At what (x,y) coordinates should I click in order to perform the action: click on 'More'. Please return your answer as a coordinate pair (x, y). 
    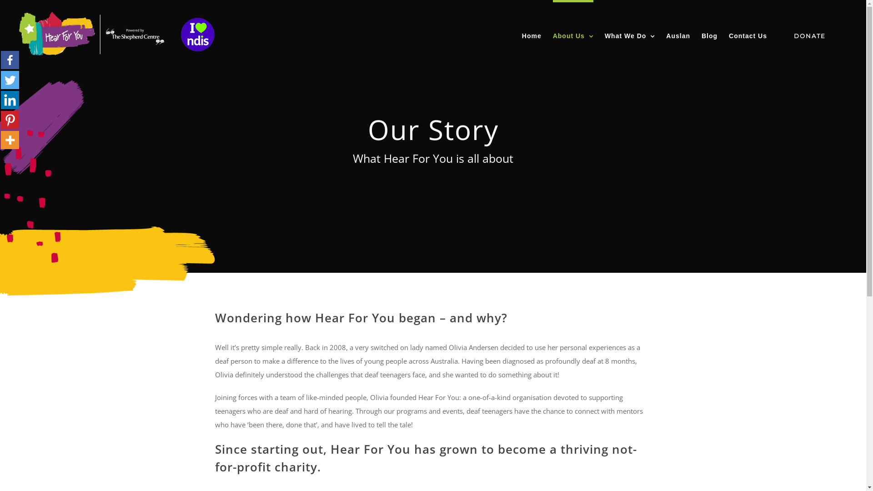
    Looking at the image, I should click on (10, 140).